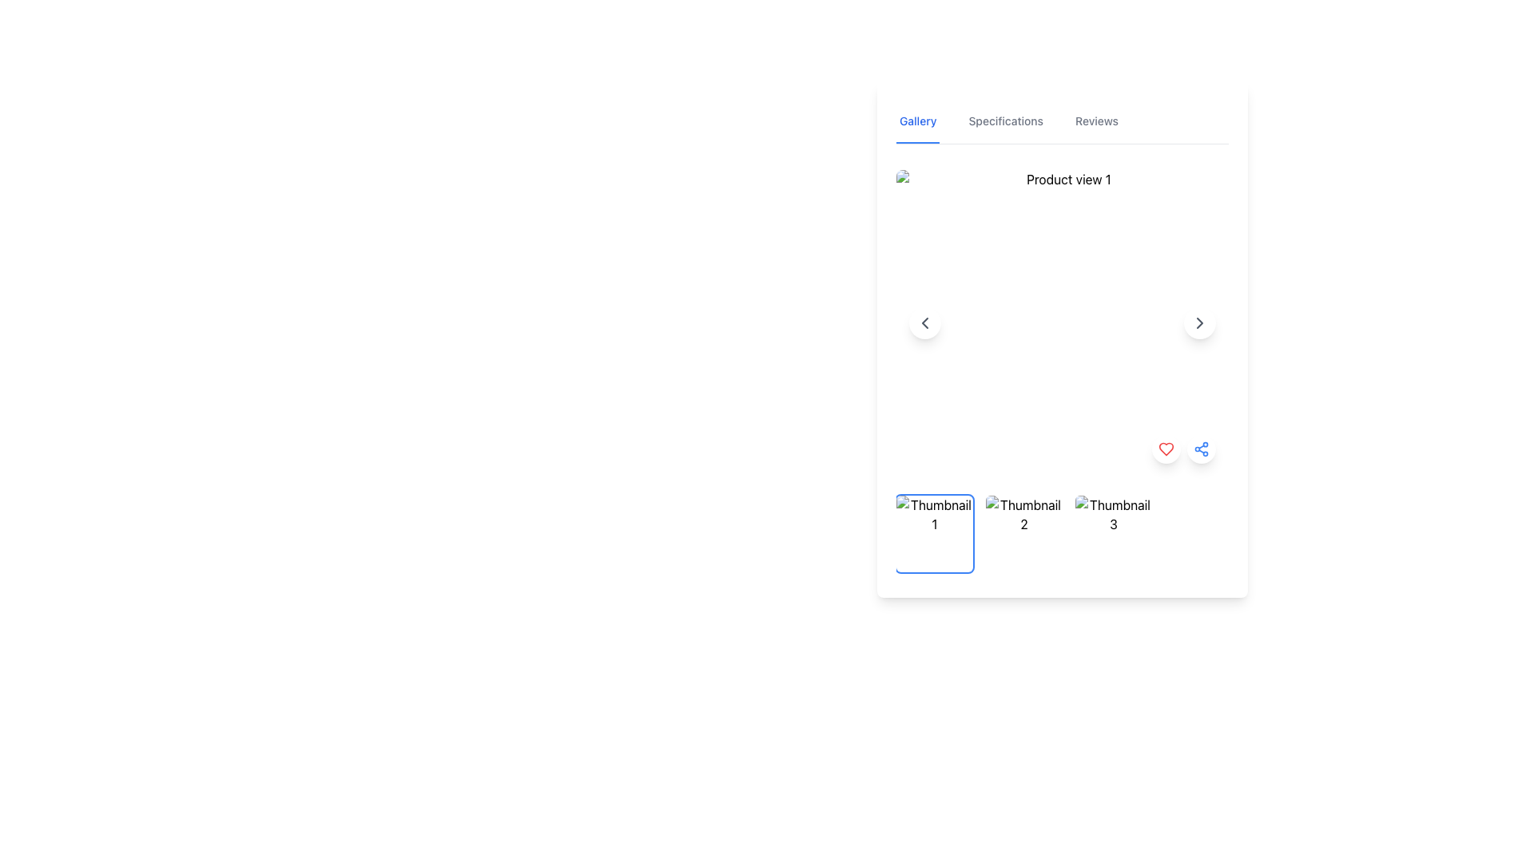 This screenshot has width=1534, height=862. I want to click on the rightward chevron icon located inside a circular button, so click(1200, 323).